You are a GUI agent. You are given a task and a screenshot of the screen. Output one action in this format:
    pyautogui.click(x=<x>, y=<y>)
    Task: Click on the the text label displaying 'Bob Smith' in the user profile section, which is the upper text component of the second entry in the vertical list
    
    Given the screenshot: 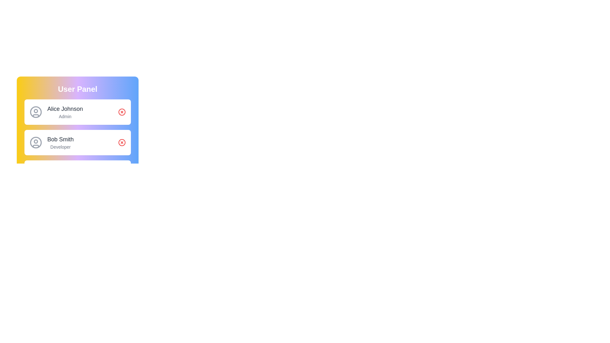 What is the action you would take?
    pyautogui.click(x=60, y=139)
    